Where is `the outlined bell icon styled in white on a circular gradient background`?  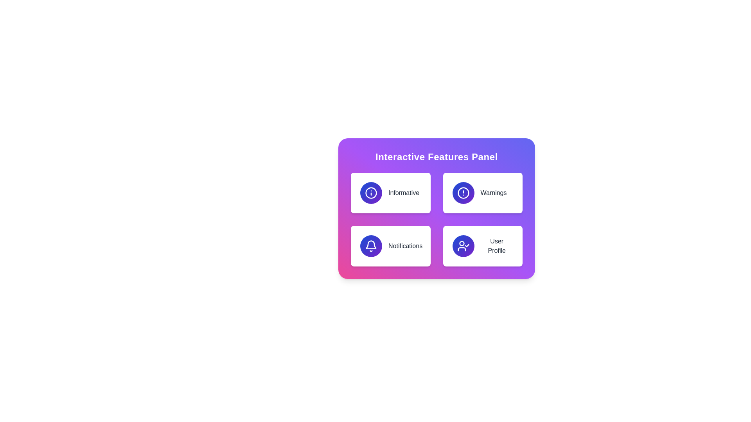
the outlined bell icon styled in white on a circular gradient background is located at coordinates (371, 245).